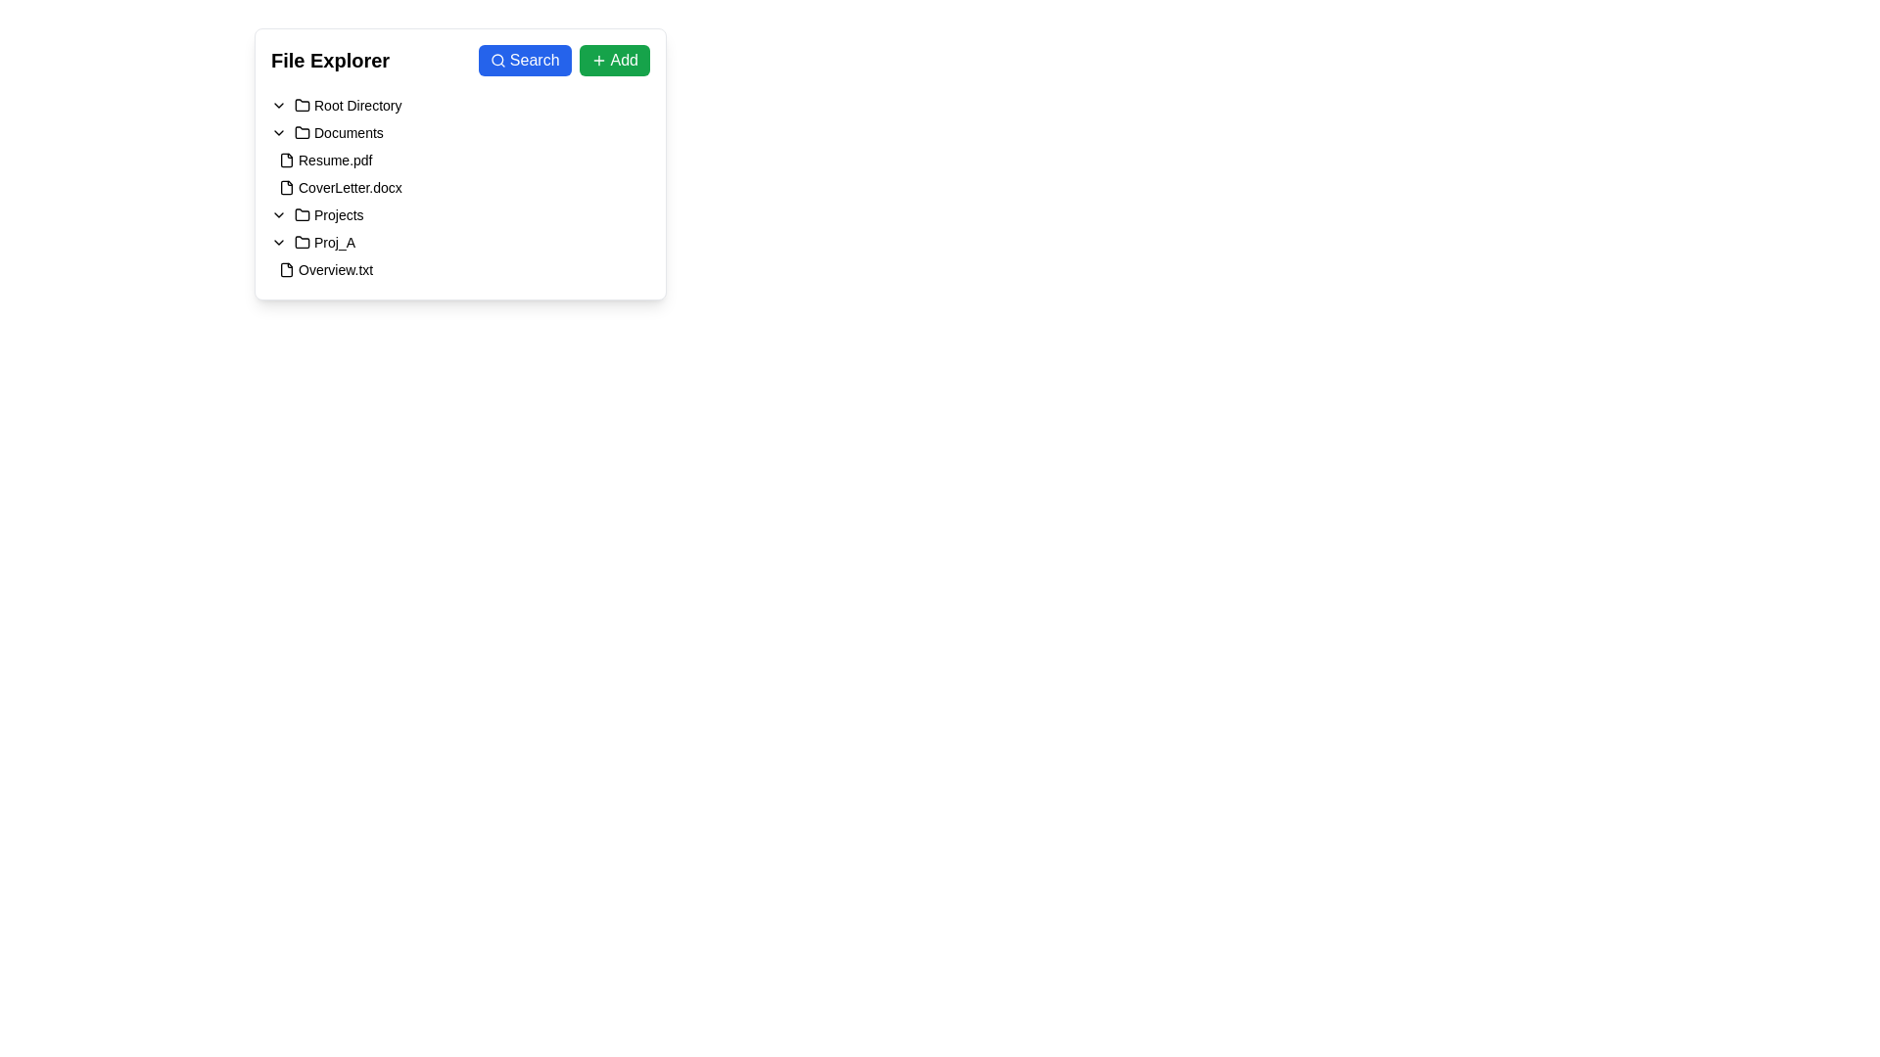  Describe the element at coordinates (459, 160) in the screenshot. I see `the 'Resume.pdf' file entry in the file explorer` at that location.